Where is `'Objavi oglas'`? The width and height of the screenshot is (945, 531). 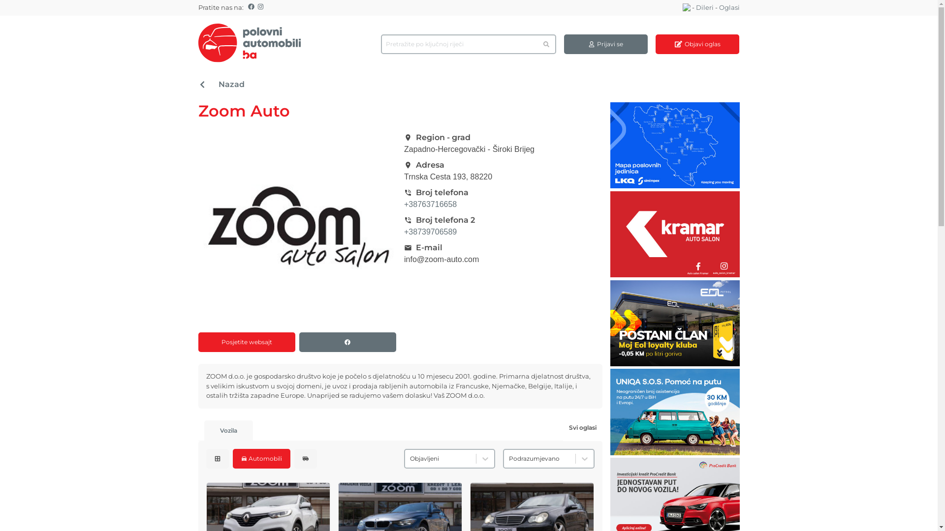
'Objavi oglas' is located at coordinates (655, 43).